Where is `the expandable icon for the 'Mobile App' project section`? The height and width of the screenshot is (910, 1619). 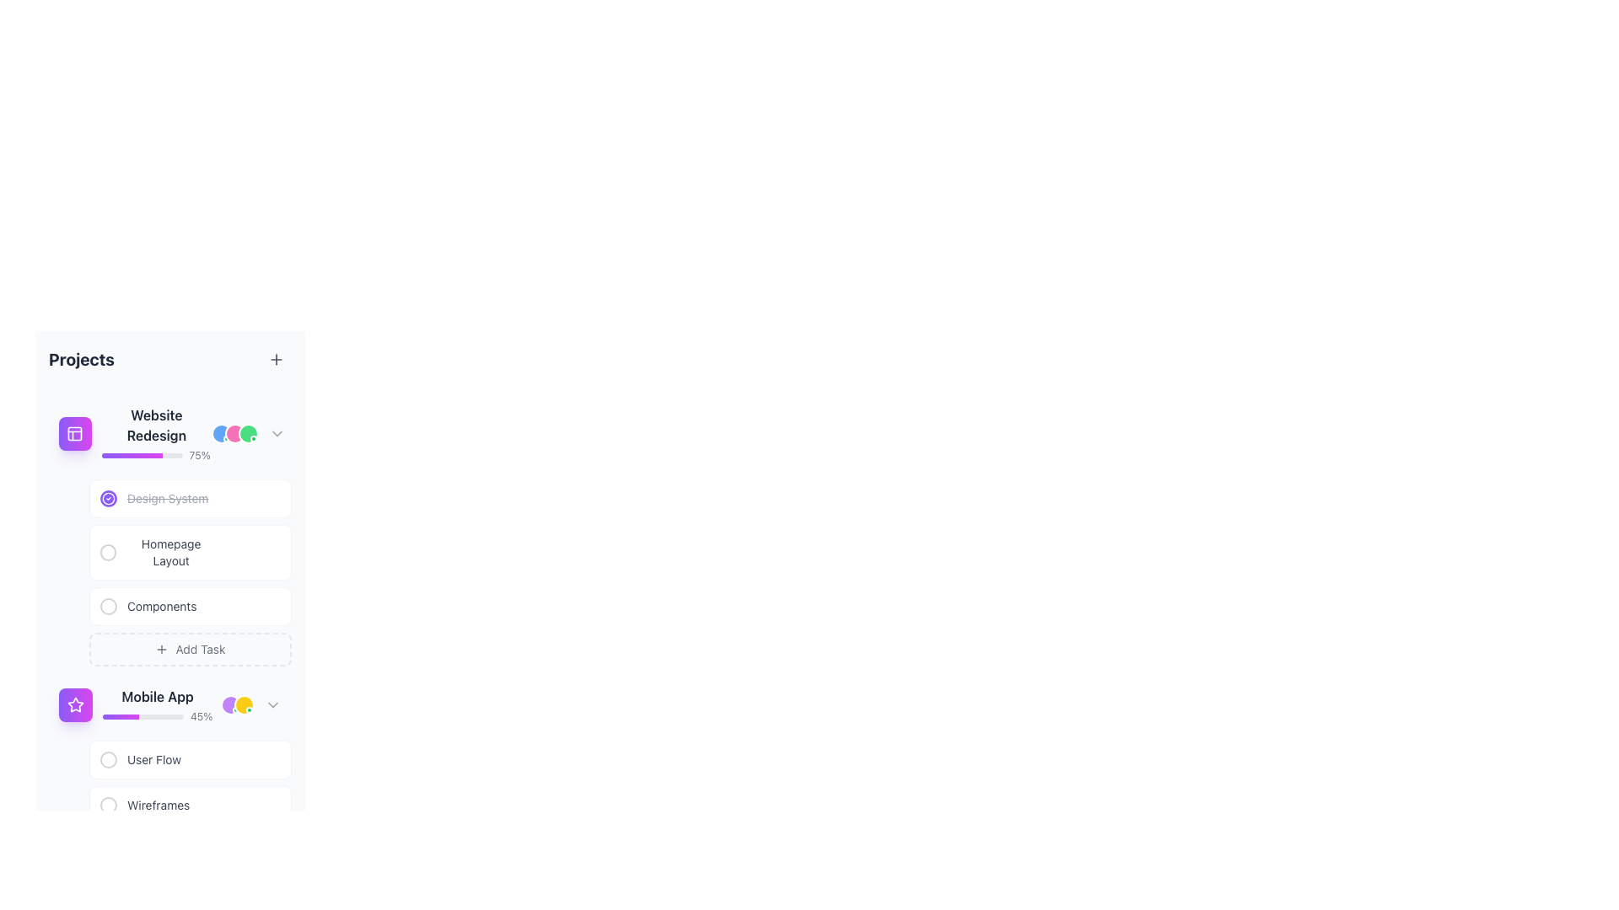
the expandable icon for the 'Mobile App' project section is located at coordinates (273, 705).